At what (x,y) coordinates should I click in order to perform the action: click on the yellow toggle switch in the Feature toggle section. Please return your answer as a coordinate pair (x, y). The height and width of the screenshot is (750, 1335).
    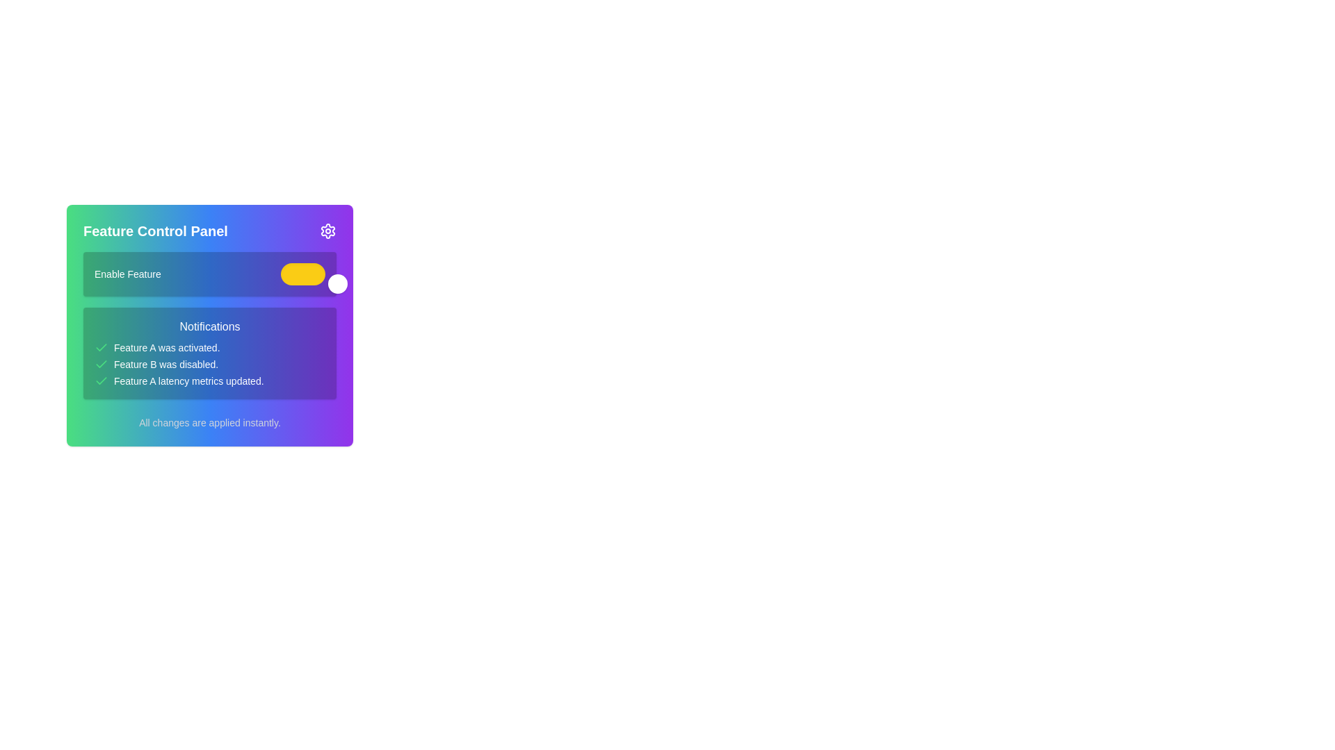
    Looking at the image, I should click on (209, 274).